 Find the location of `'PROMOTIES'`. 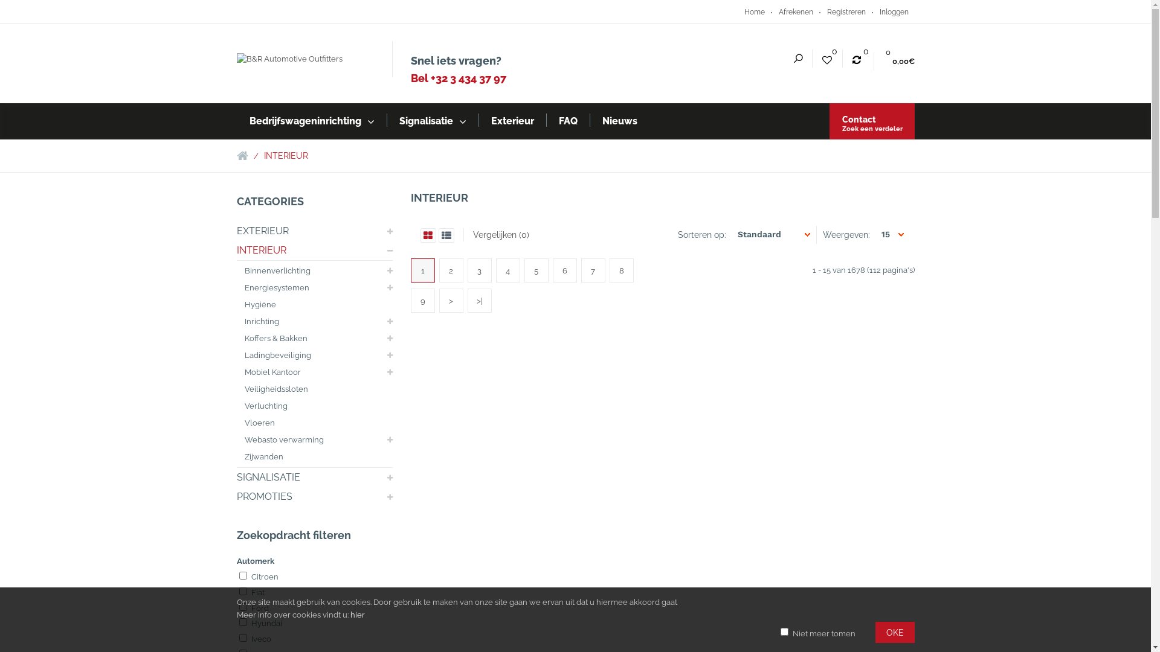

'PROMOTIES' is located at coordinates (237, 496).